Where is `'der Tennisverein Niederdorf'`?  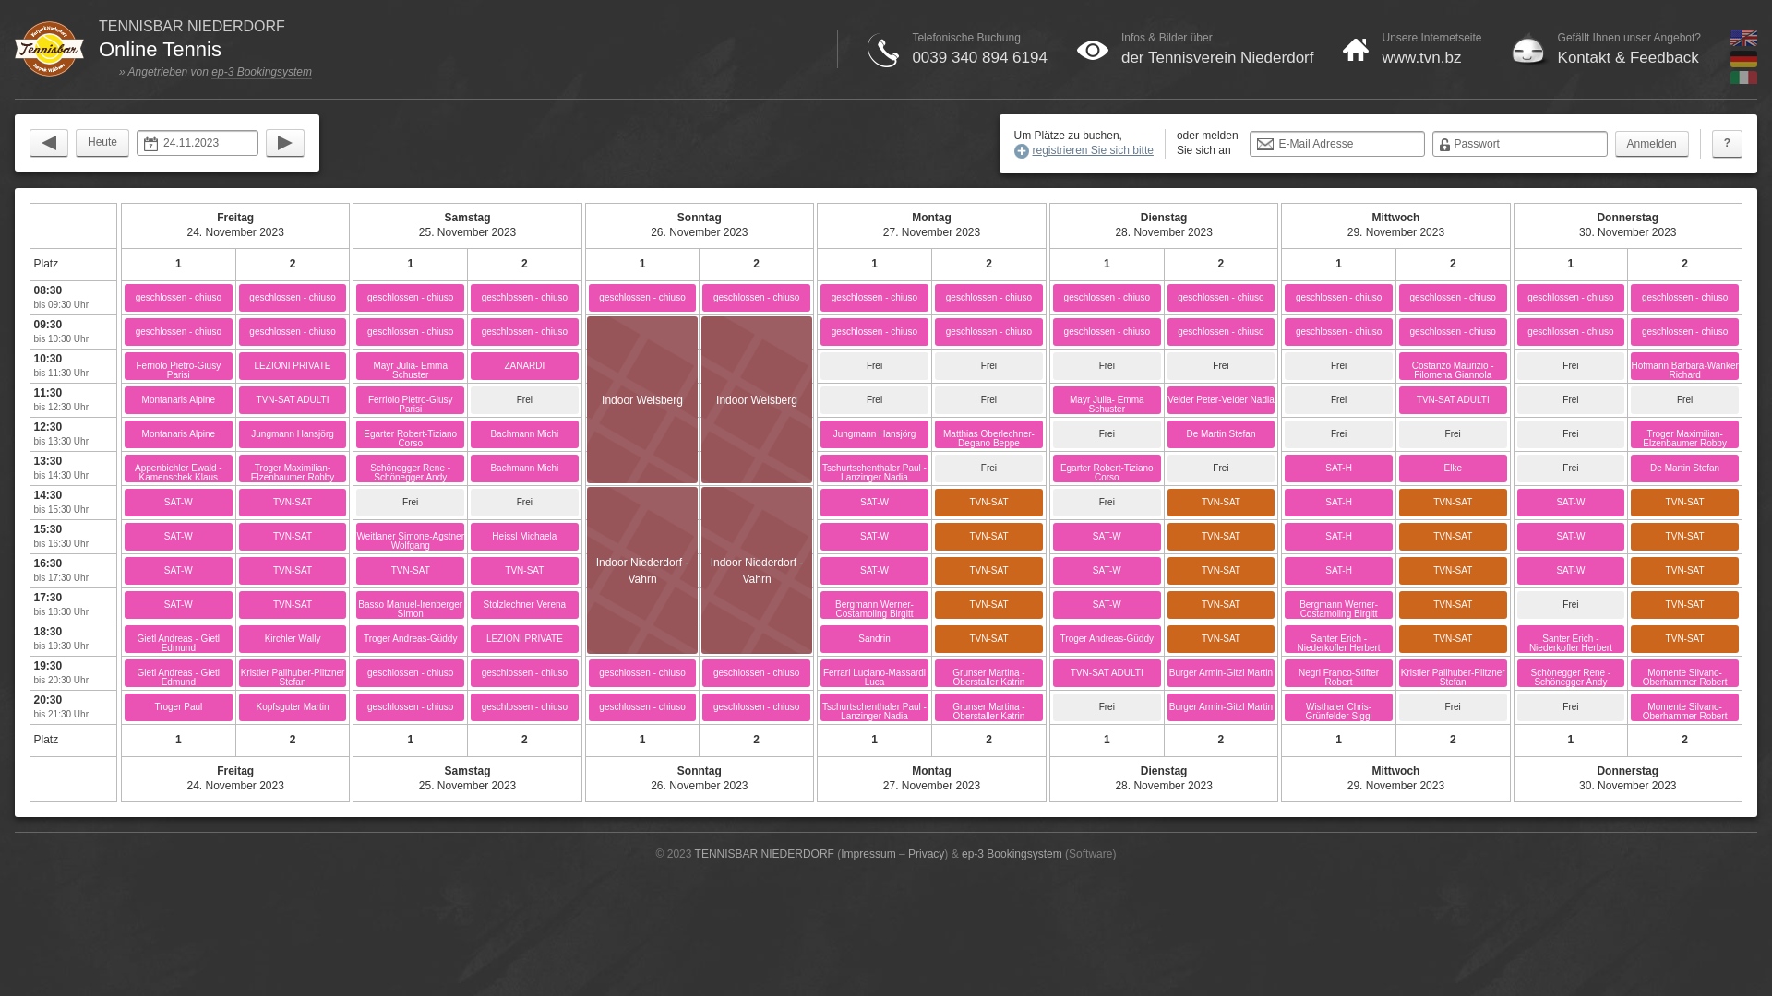 'der Tennisverein Niederdorf' is located at coordinates (1119, 56).